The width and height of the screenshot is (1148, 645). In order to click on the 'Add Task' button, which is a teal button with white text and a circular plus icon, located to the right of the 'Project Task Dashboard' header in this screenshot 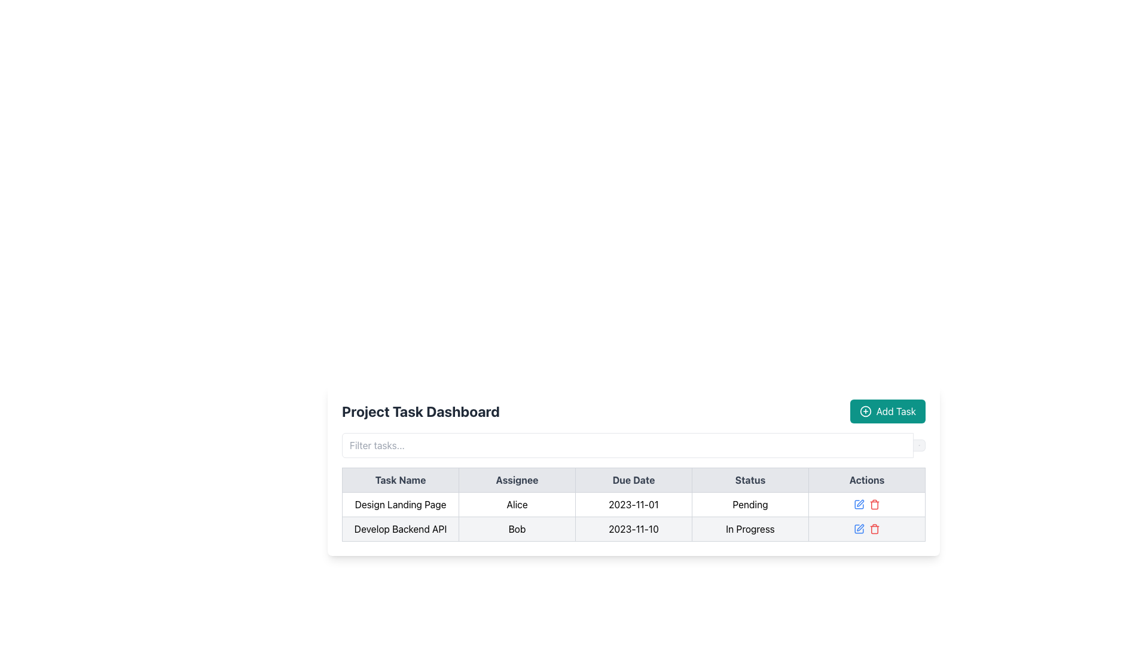, I will do `click(887, 411)`.